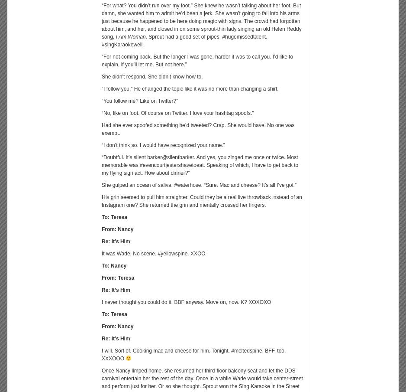 Image resolution: width=406 pixels, height=392 pixels. Describe the element at coordinates (101, 20) in the screenshot. I see `'“For what? You didn’t run over my foot.” She knew he wasn’t talking about her foot. But damn, she wanted him to admit he’d been a jerk. She wasn’t going to fall into his arms just because he happened to be here doing magic with signs. The crowd had forgotten about him, and her, and closed in on some sprout-thin lady singing an old Helen Reddy song,'` at that location.